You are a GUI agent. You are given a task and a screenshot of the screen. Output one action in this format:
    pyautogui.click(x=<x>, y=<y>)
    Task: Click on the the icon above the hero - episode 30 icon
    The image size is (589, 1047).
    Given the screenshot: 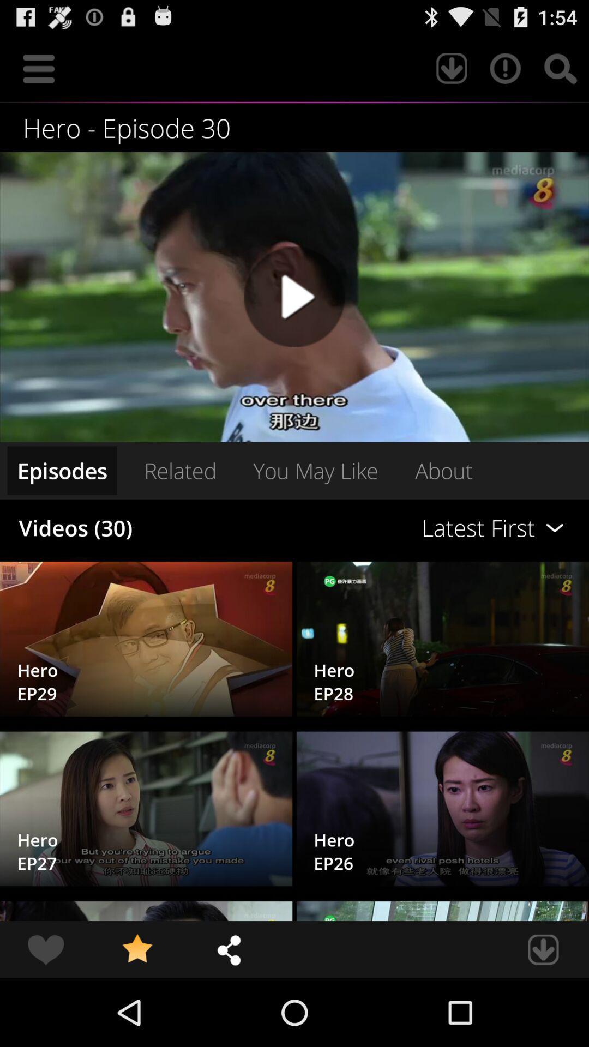 What is the action you would take?
    pyautogui.click(x=505, y=68)
    